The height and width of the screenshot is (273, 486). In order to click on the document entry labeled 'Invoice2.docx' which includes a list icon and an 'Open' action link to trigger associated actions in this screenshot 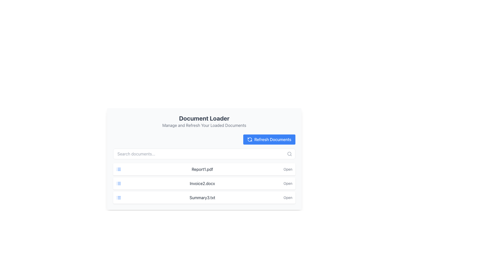, I will do `click(204, 183)`.